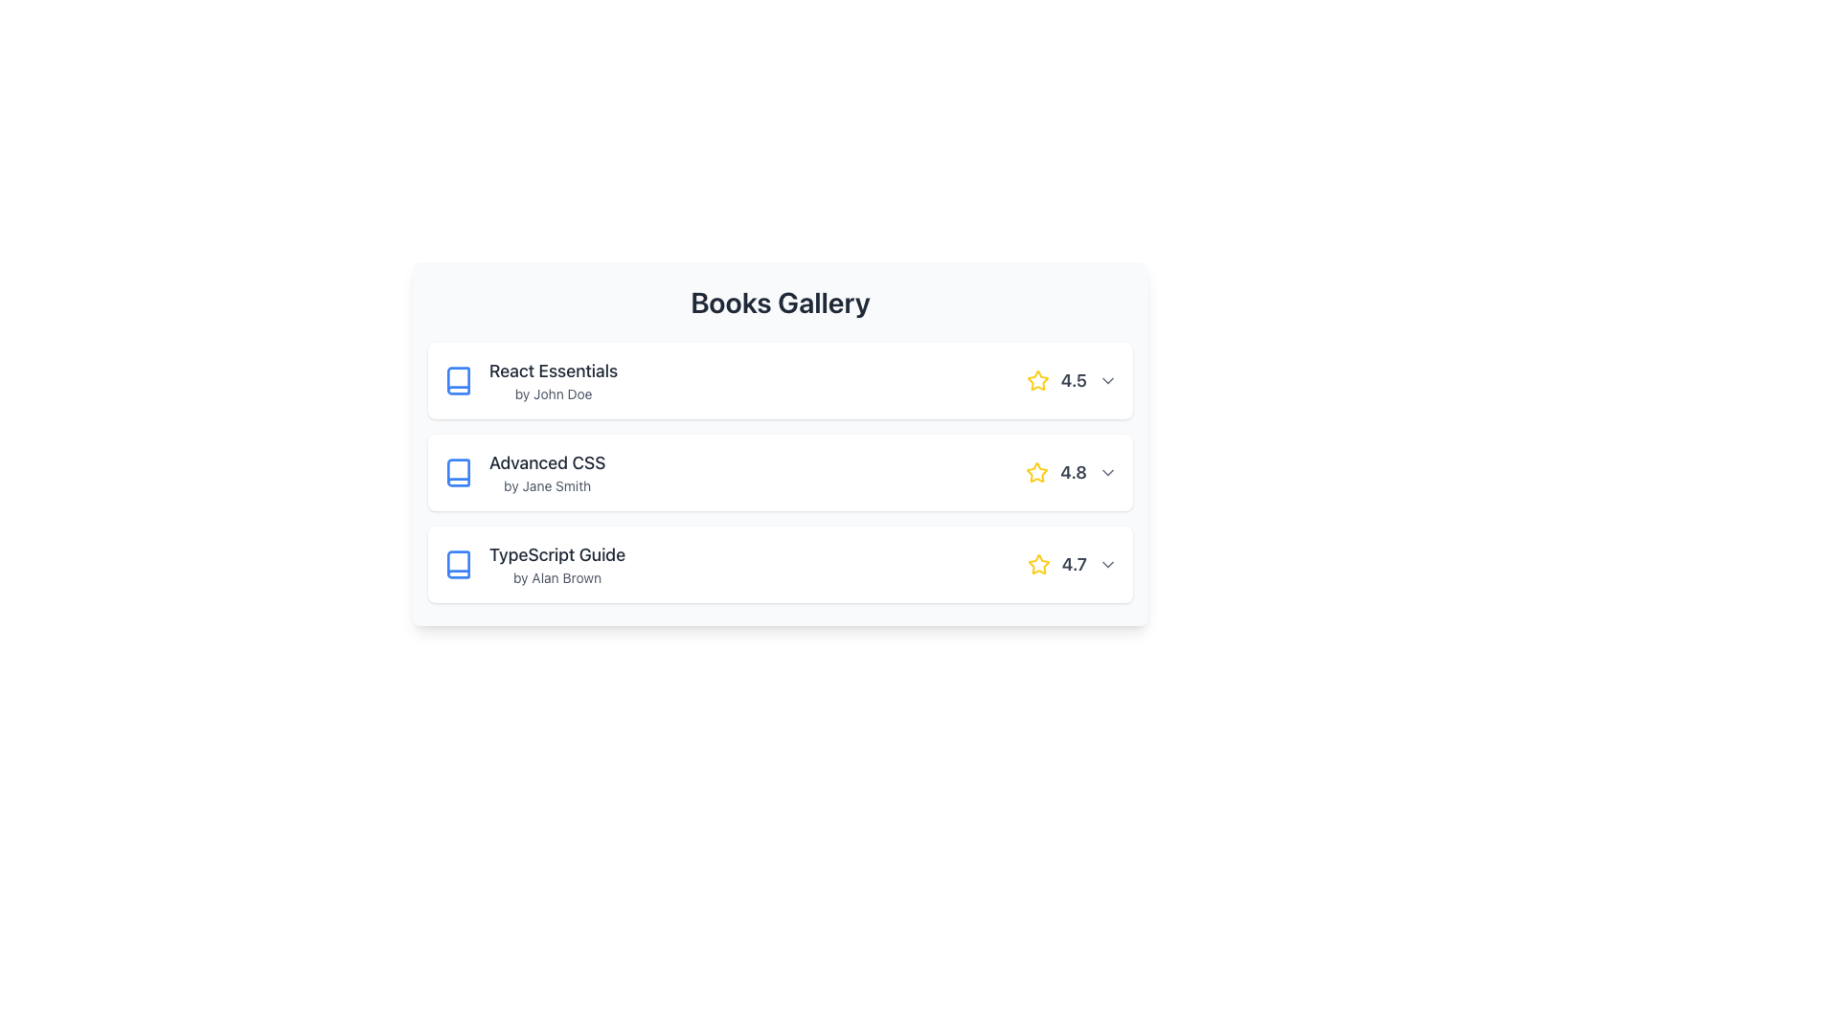 The image size is (1839, 1034). I want to click on the Text Label titled 'TypeScript Guide' which features a bold title and a subtitle 'by Alan Brown', located centrally in the third row of book entries, so click(556, 564).